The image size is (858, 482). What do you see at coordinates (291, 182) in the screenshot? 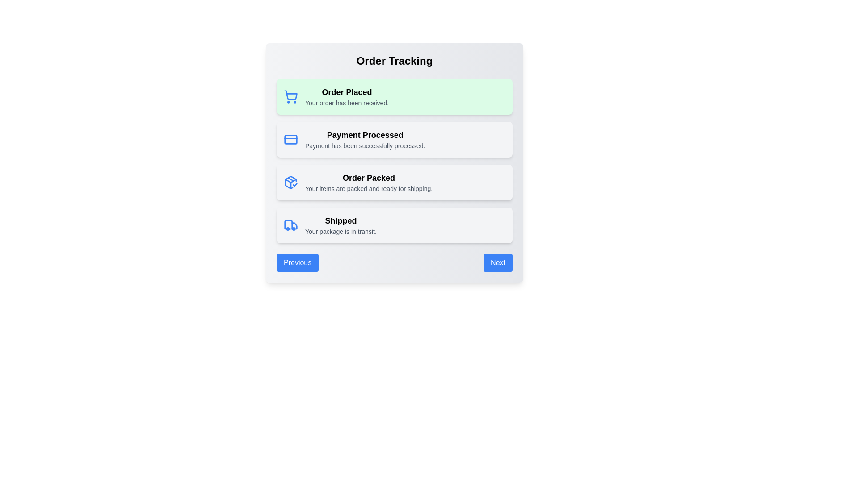
I see `the decorative icon that represents the status 'Order Packed', located near the left edge of the third row in the order tracking list` at bounding box center [291, 182].